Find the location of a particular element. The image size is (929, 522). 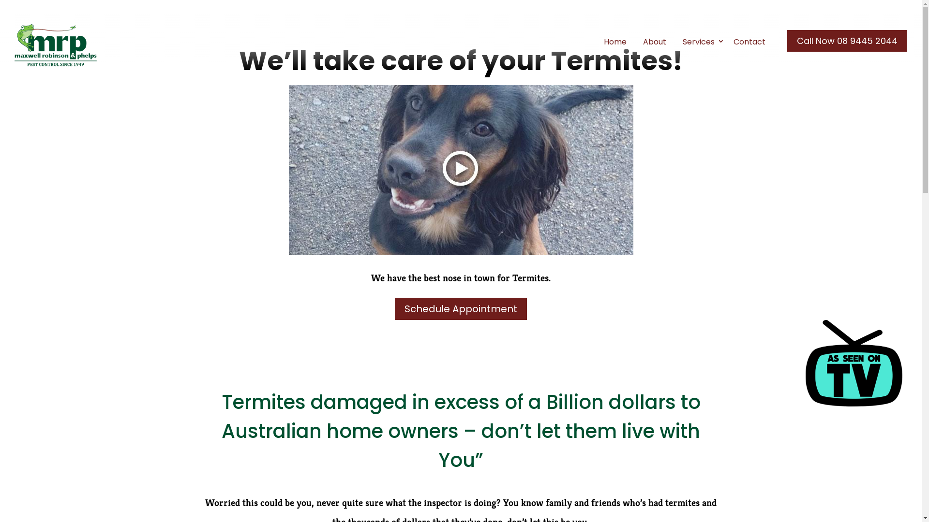

'Contact' is located at coordinates (749, 42).